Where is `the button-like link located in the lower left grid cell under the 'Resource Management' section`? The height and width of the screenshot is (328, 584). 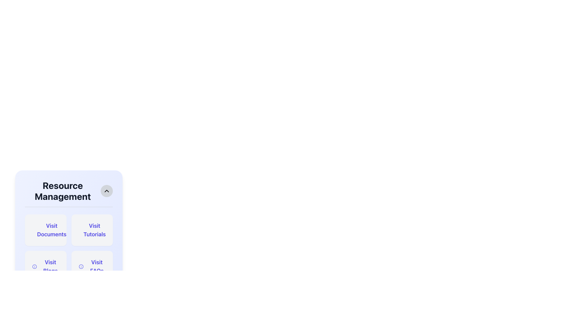
the button-like link located in the lower left grid cell under the 'Resource Management' section is located at coordinates (50, 266).